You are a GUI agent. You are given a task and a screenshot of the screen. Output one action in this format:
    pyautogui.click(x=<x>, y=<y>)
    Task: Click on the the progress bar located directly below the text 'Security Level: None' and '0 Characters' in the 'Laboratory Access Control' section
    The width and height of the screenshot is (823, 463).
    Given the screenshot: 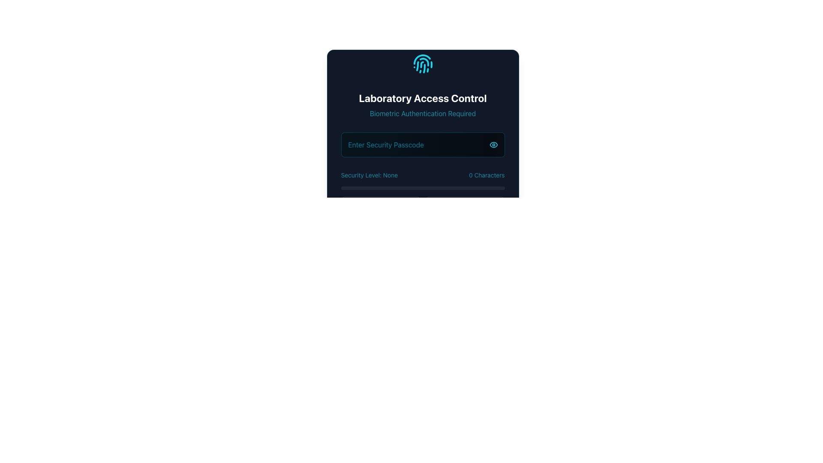 What is the action you would take?
    pyautogui.click(x=423, y=188)
    